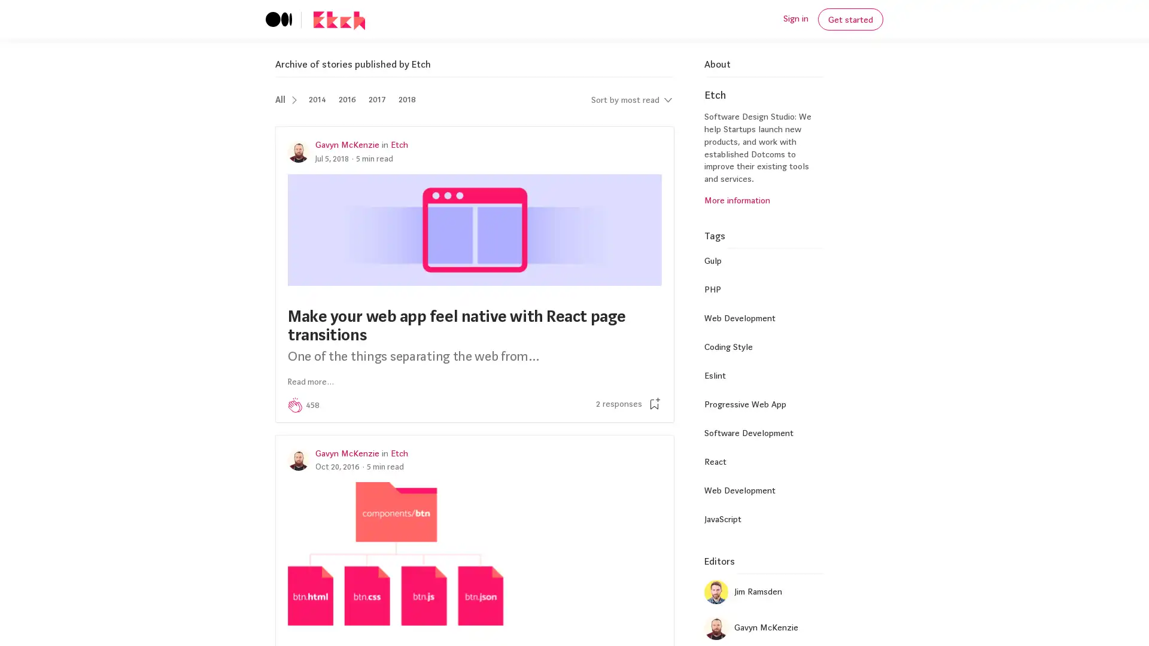  What do you see at coordinates (312, 404) in the screenshot?
I see `458` at bounding box center [312, 404].